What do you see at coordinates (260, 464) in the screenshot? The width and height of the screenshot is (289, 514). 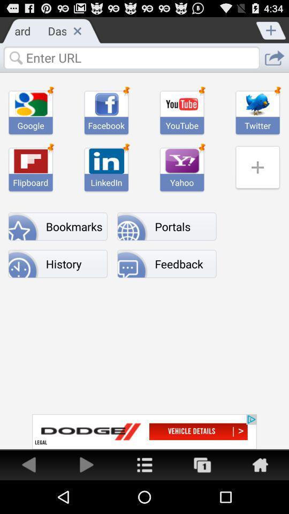 I see `the homepage` at bounding box center [260, 464].